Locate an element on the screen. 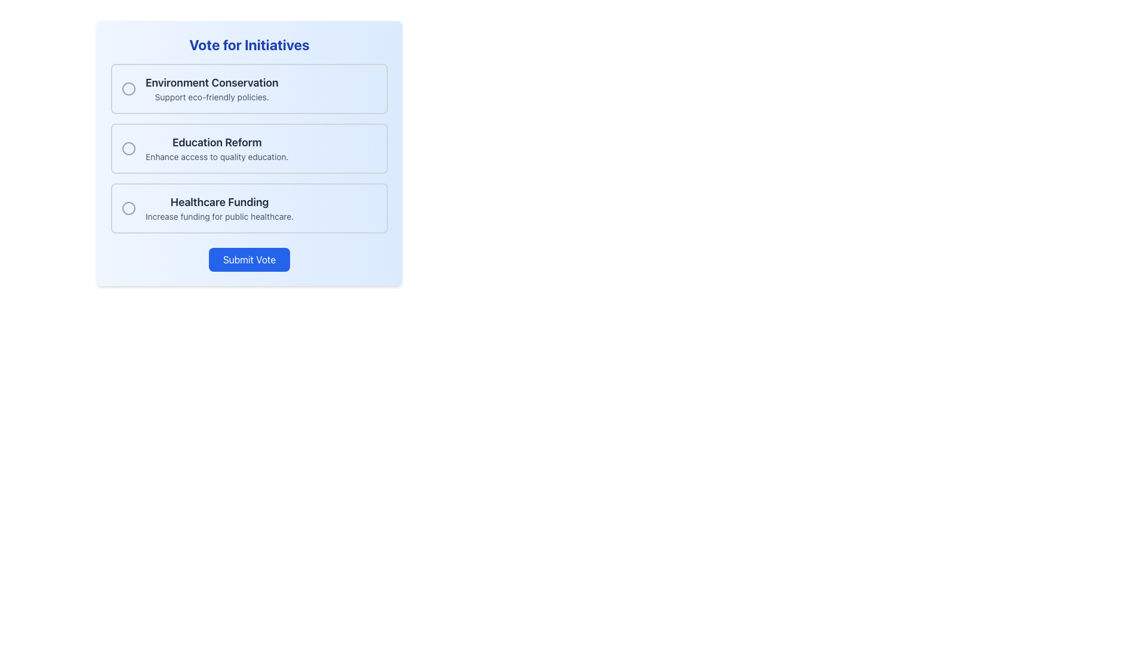  the Interactive Voting Card located at the center of the viewport is located at coordinates (248, 147).